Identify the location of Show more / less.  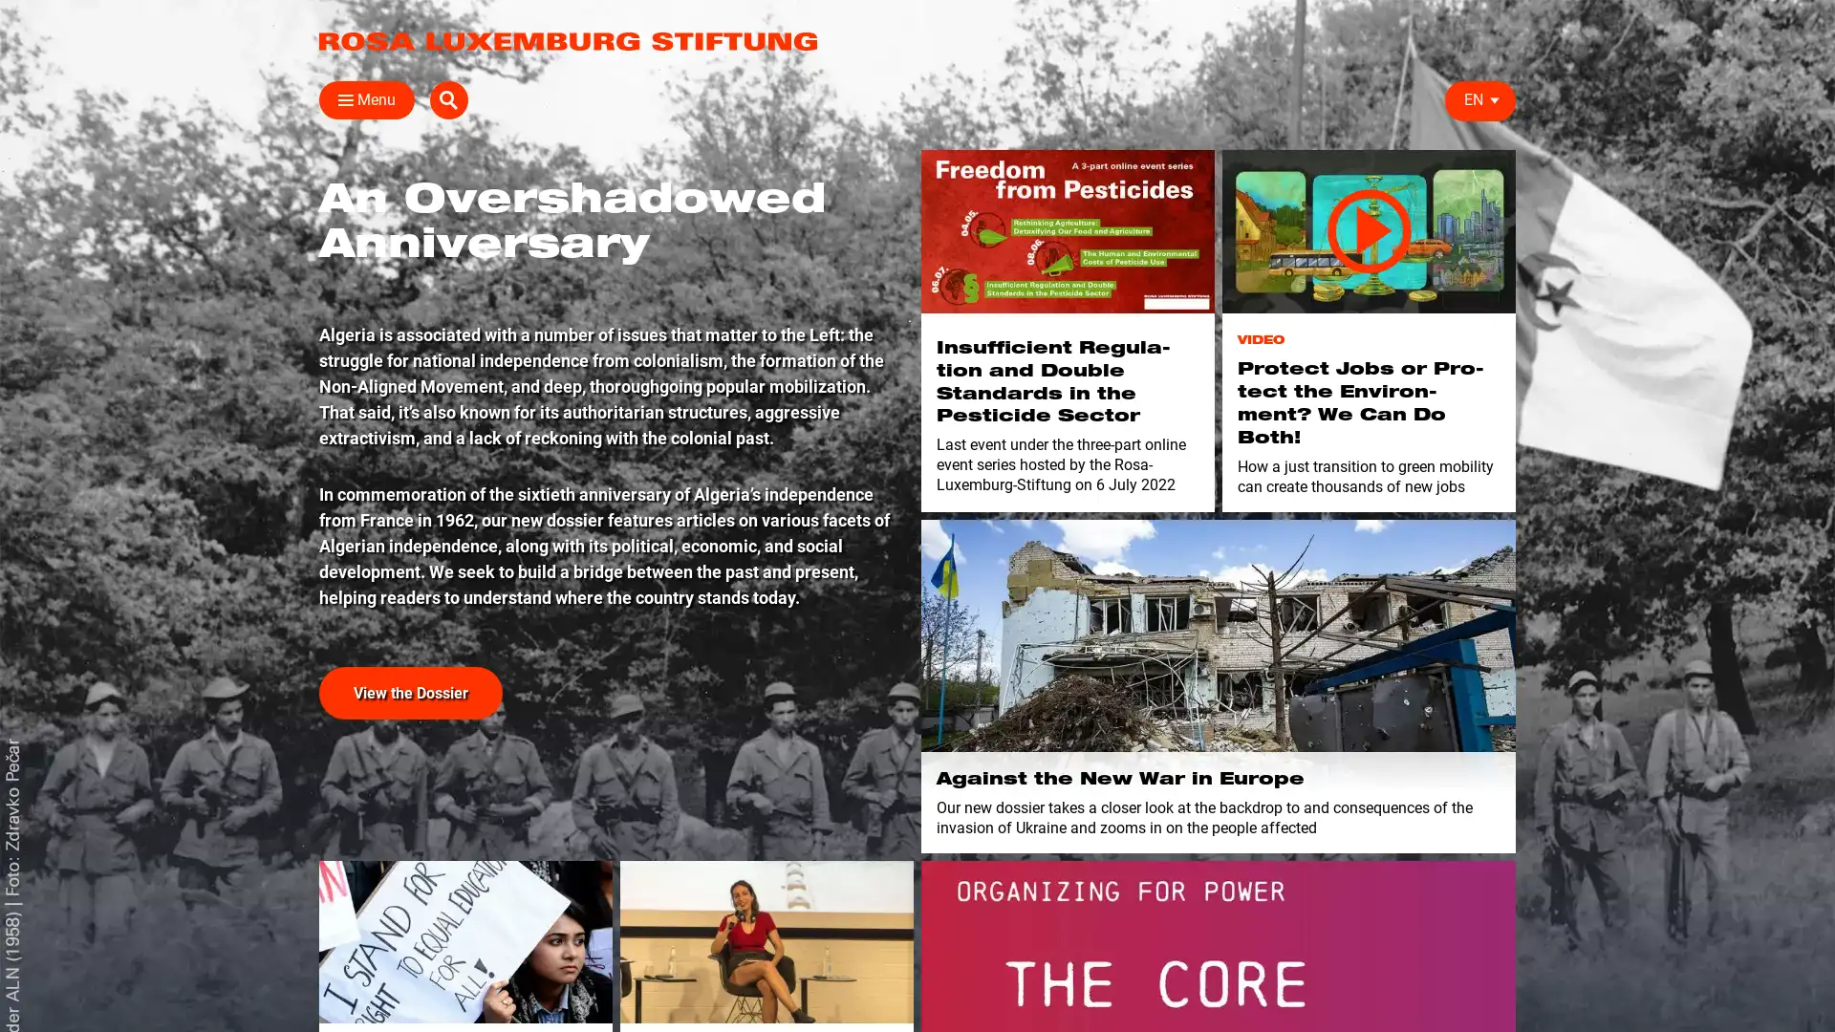
(311, 467).